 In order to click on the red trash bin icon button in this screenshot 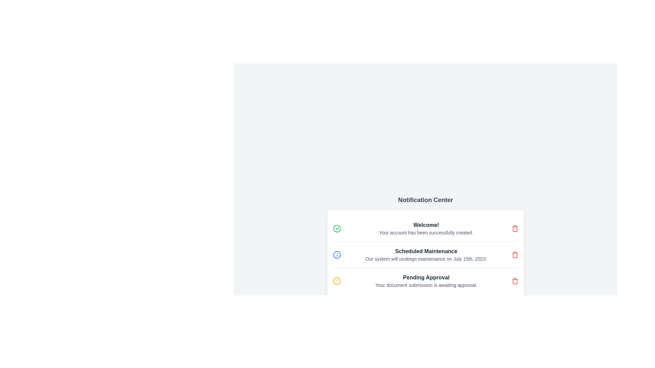, I will do `click(515, 255)`.